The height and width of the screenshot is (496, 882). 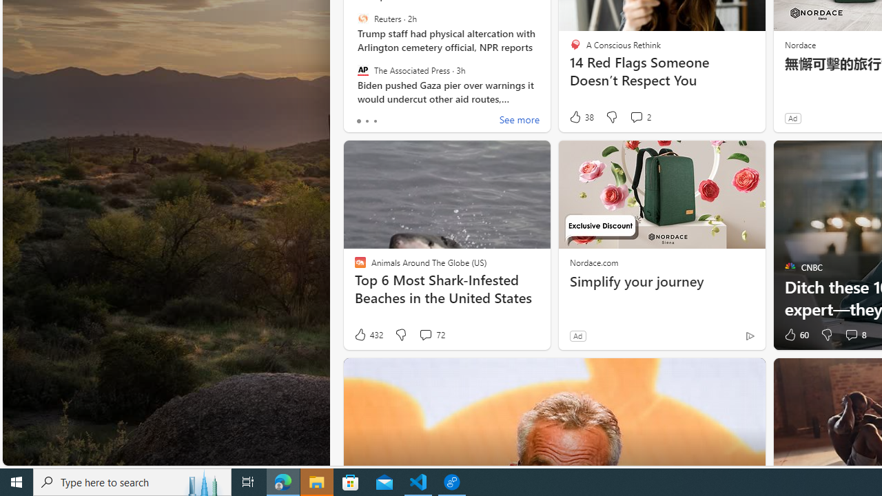 What do you see at coordinates (854, 335) in the screenshot?
I see `'View comments 8 Comment'` at bounding box center [854, 335].